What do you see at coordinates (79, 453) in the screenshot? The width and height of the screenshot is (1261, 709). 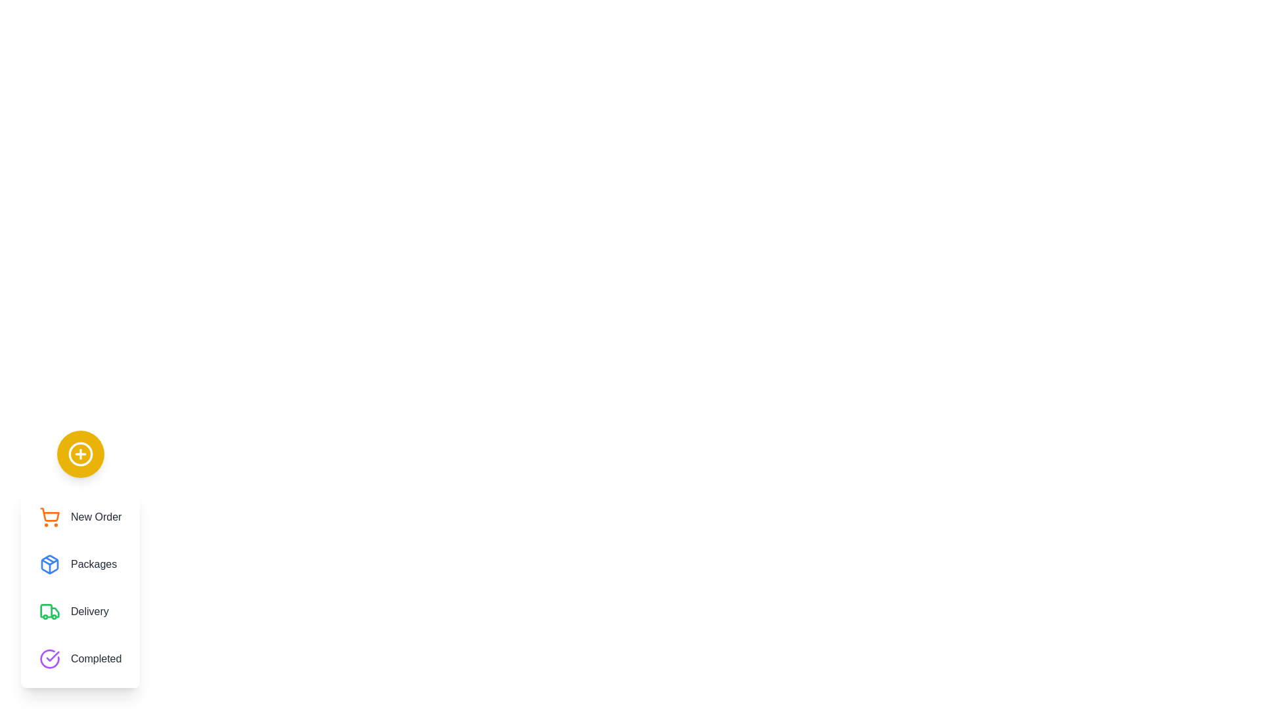 I see `the floating action button to toggle the menu` at bounding box center [79, 453].